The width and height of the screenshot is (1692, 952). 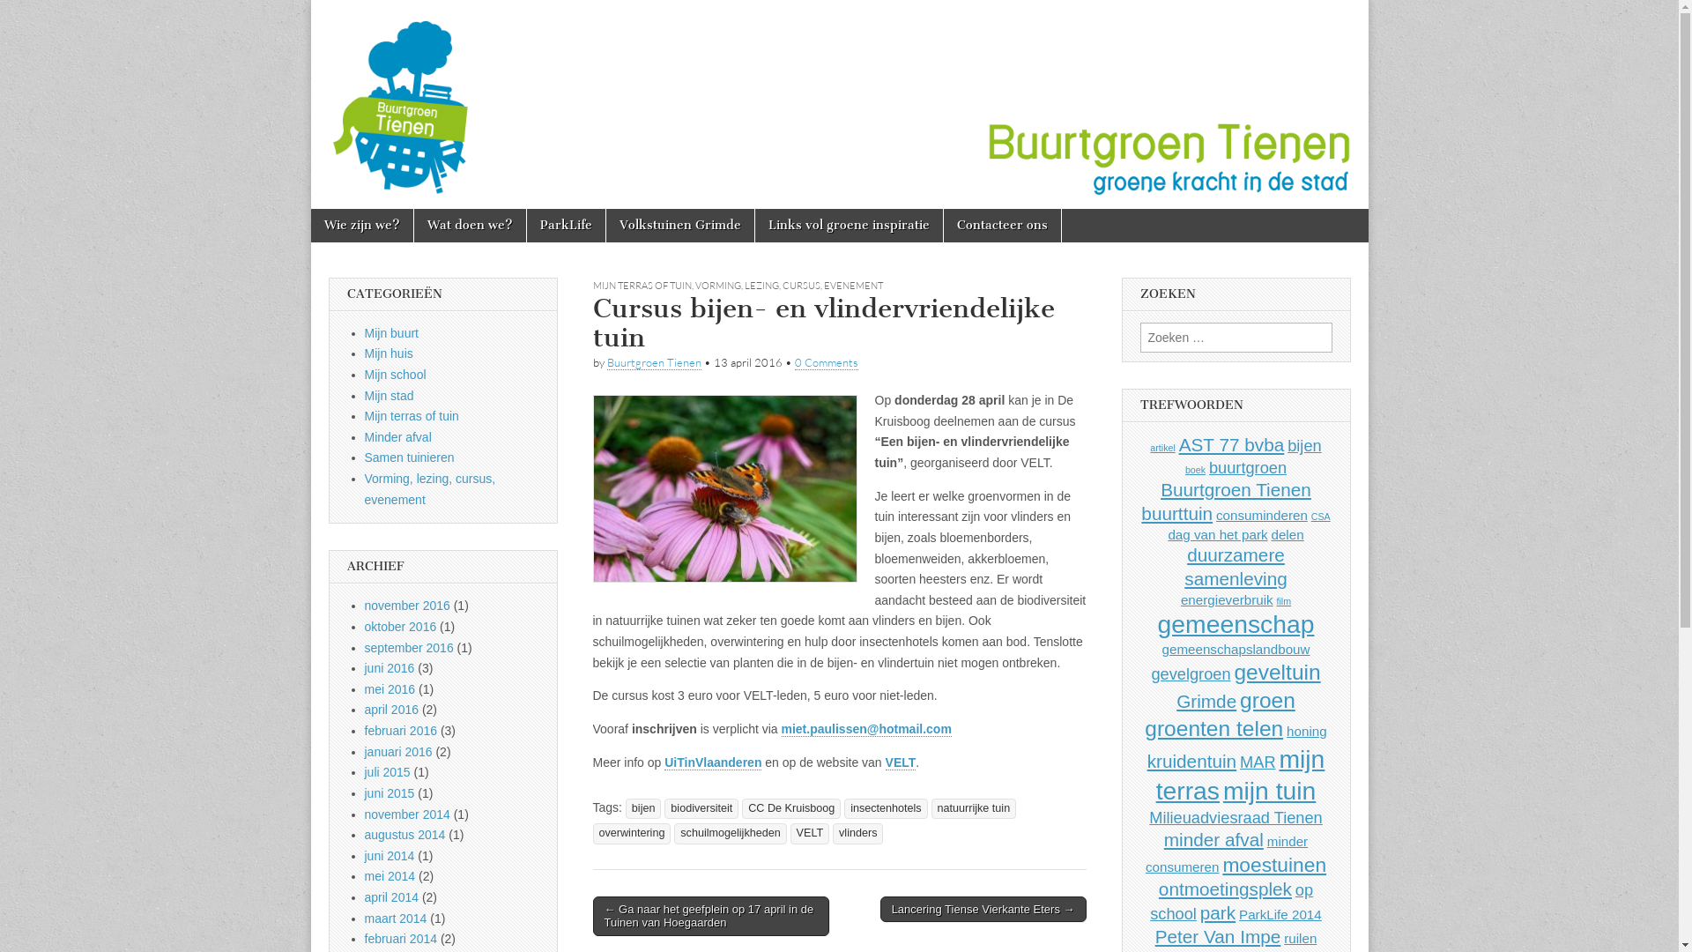 I want to click on 'Mijn school', so click(x=395, y=373).